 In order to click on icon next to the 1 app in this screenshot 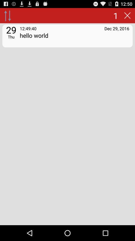, I will do `click(127, 15)`.